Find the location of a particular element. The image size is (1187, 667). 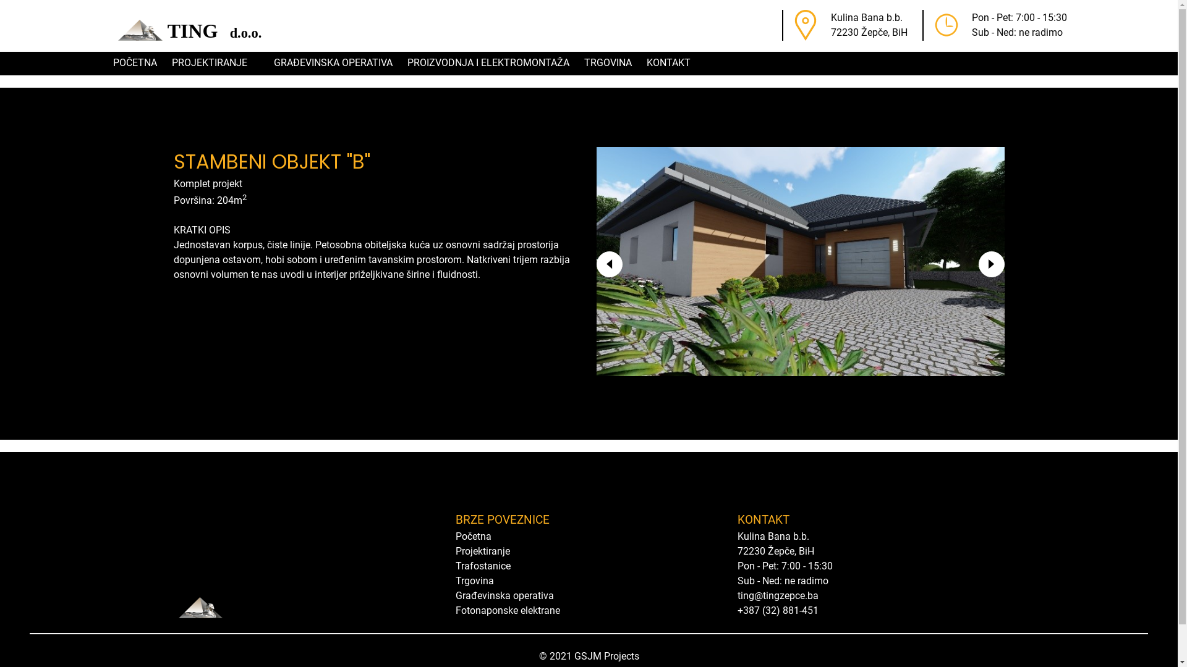

'Trgovina' is located at coordinates (474, 581).